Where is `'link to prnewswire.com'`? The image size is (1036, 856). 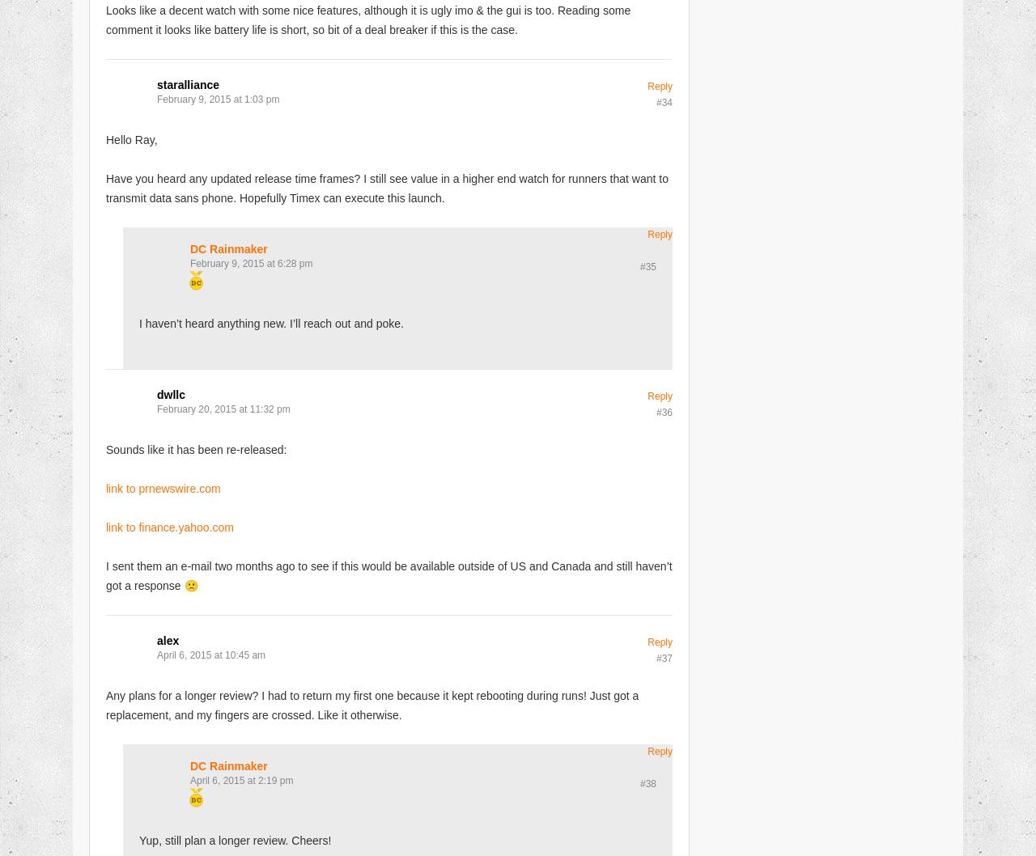 'link to prnewswire.com' is located at coordinates (163, 487).